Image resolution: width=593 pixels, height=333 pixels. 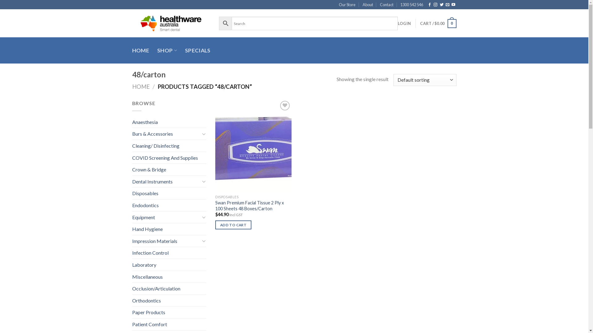 What do you see at coordinates (169, 289) in the screenshot?
I see `'Occlusion/Articulation'` at bounding box center [169, 289].